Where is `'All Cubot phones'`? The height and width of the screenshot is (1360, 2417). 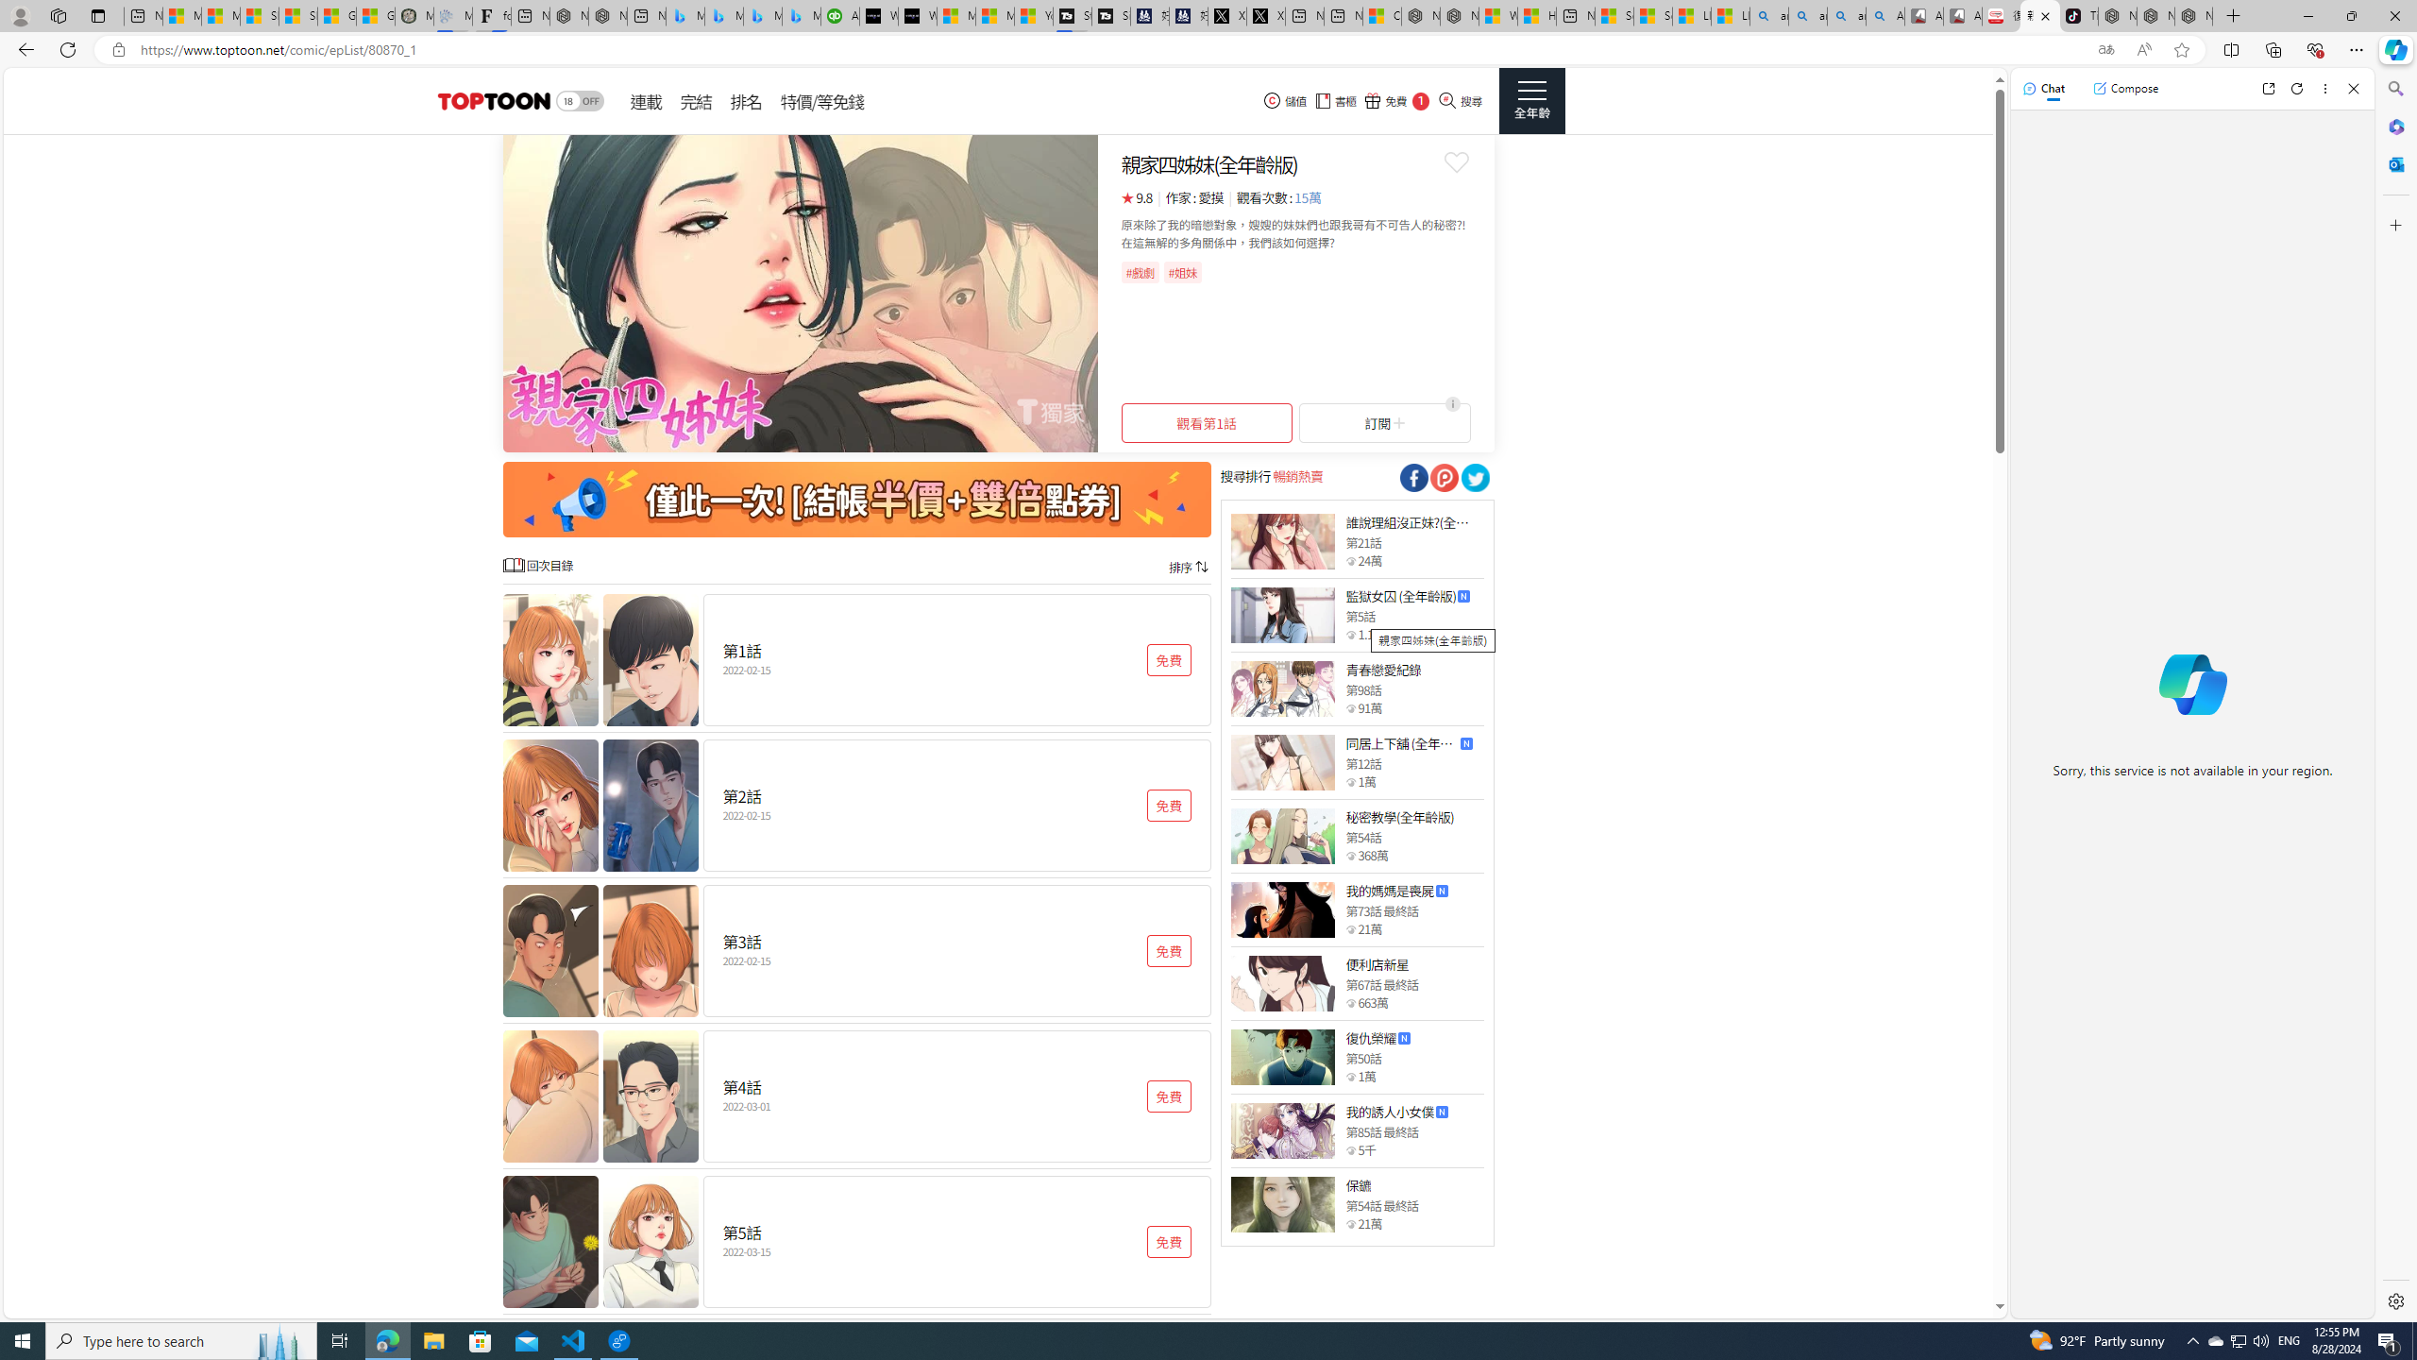
'All Cubot phones' is located at coordinates (1962, 15).